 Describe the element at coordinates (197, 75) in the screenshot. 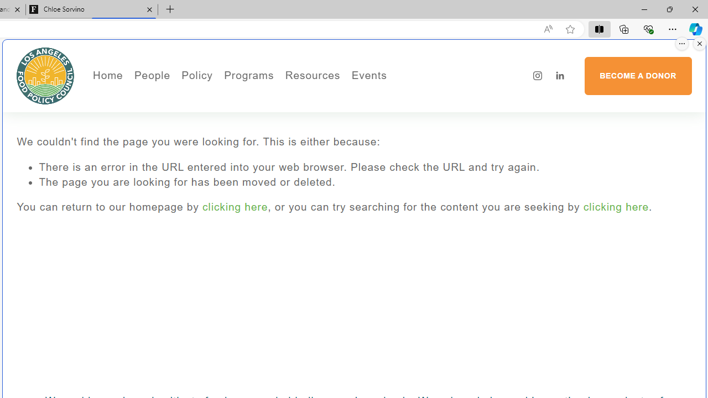

I see `'Policy'` at that location.